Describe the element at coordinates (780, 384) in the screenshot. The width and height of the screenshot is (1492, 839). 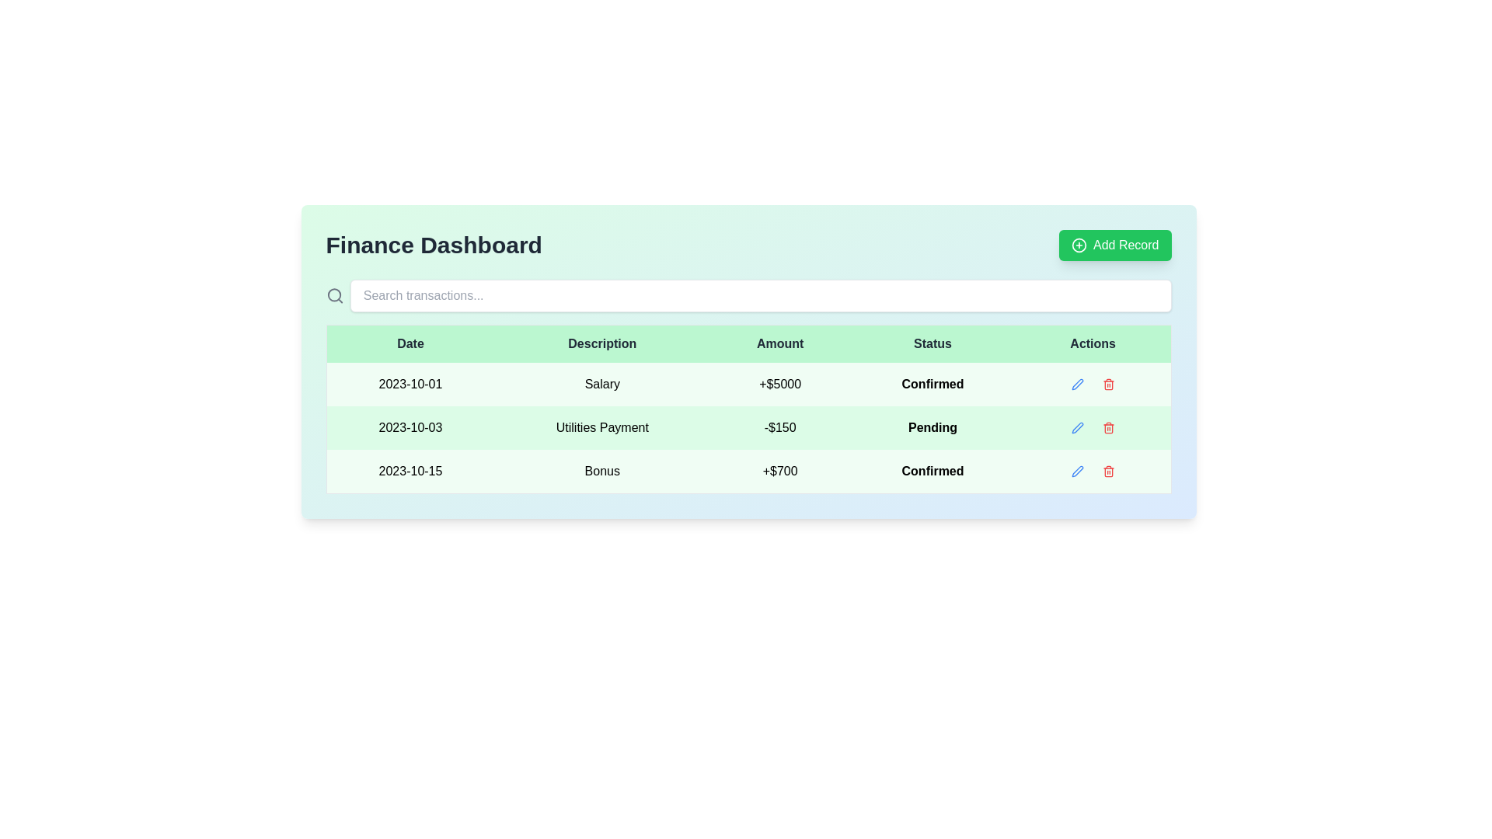
I see `the text display in the third column of the first row of the table that indicates a positive change of $5000, corresponding to the date '2023-10-01' and description 'Salary'` at that location.